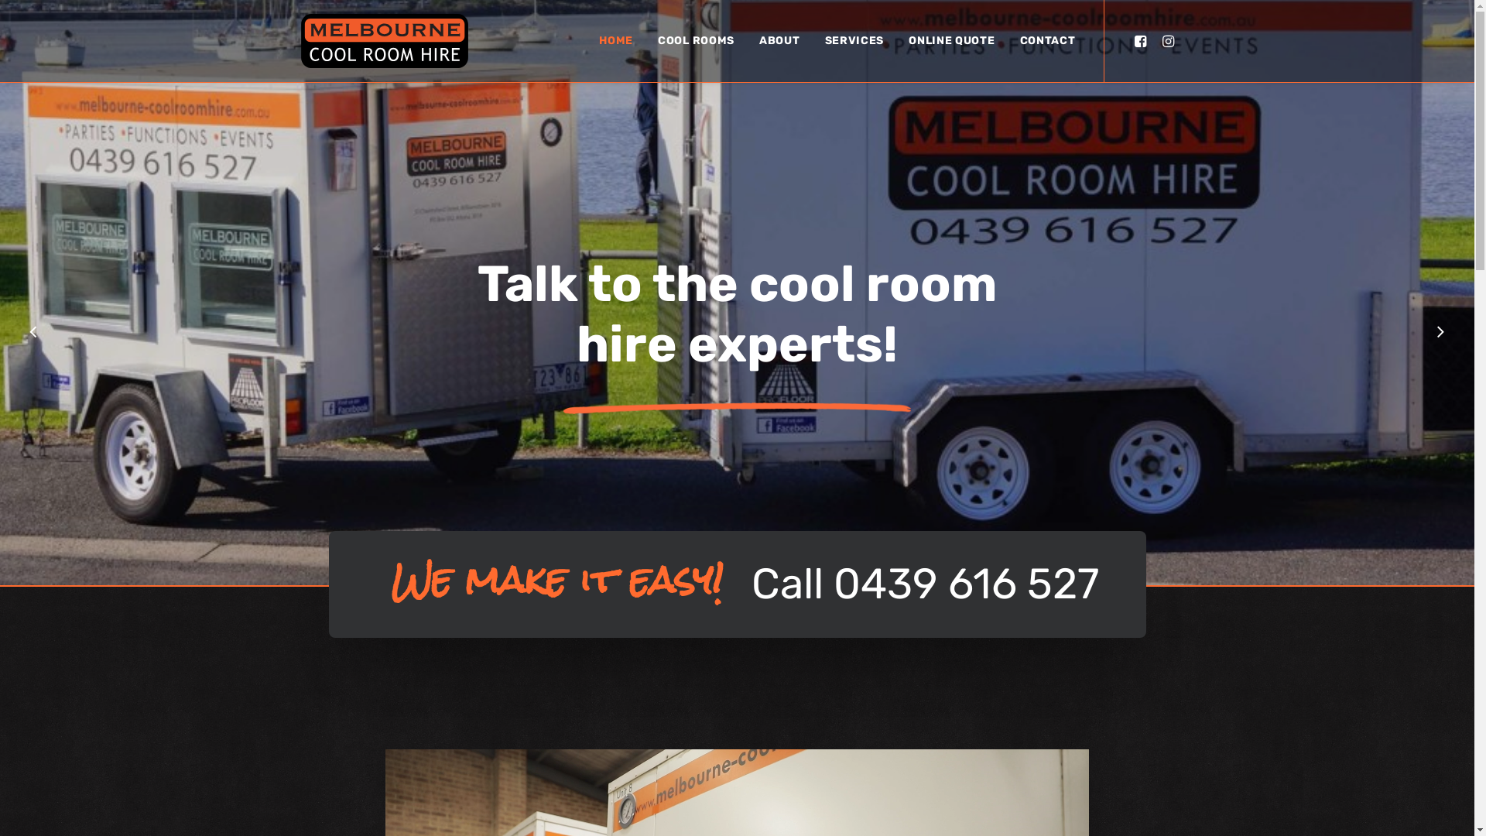 This screenshot has height=836, width=1486. I want to click on 'COOL ROOMS', so click(695, 40).